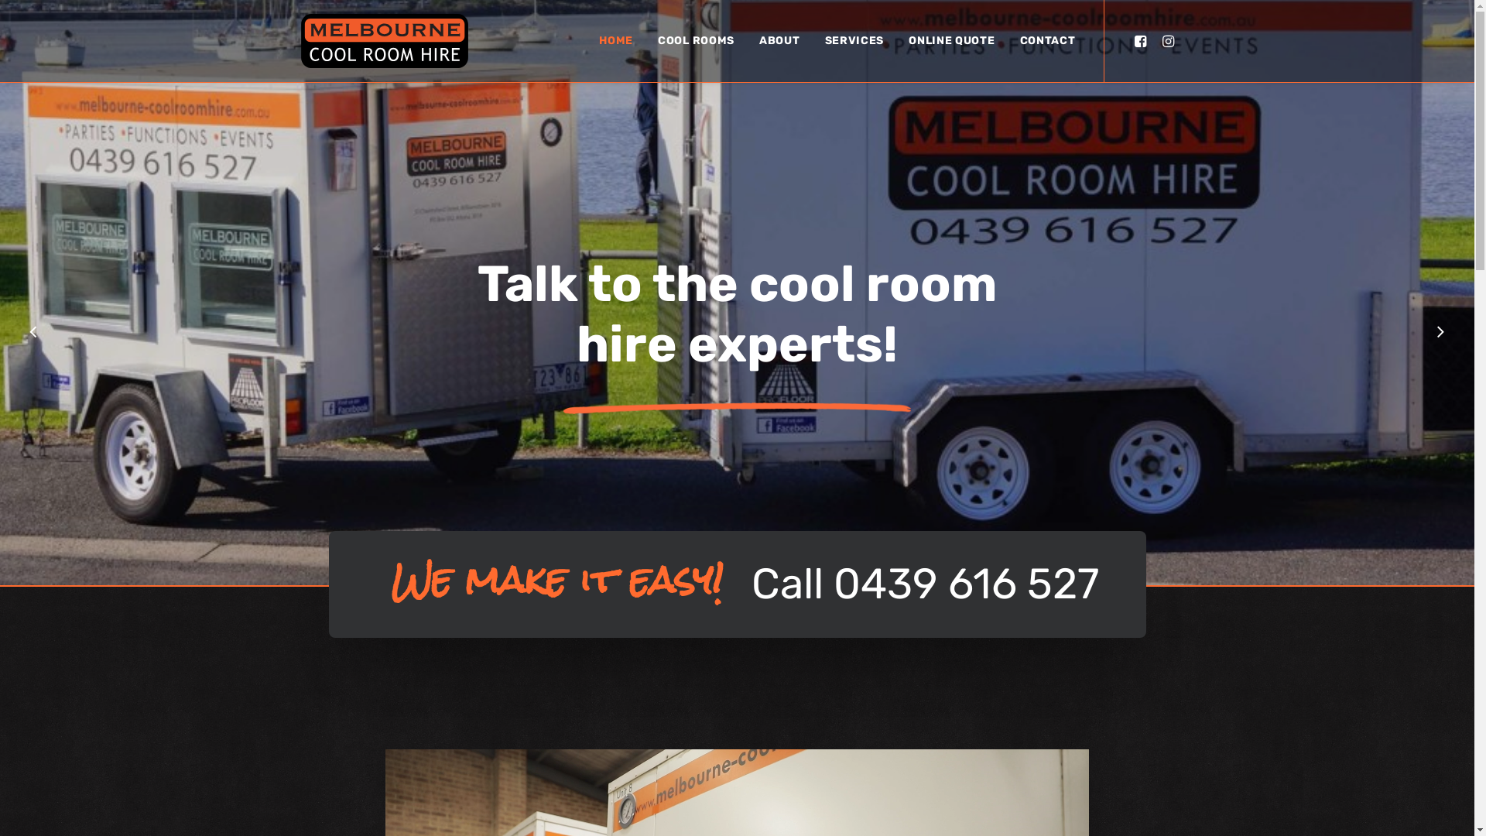 This screenshot has height=836, width=1486. I want to click on 'COOL ROOMS', so click(695, 40).